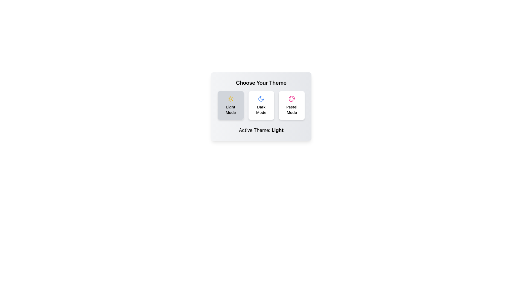 The image size is (525, 295). Describe the element at coordinates (261, 99) in the screenshot. I see `the dark mode theme icon located in the middle of the three theme options, above the label text 'Dark Mode'` at that location.